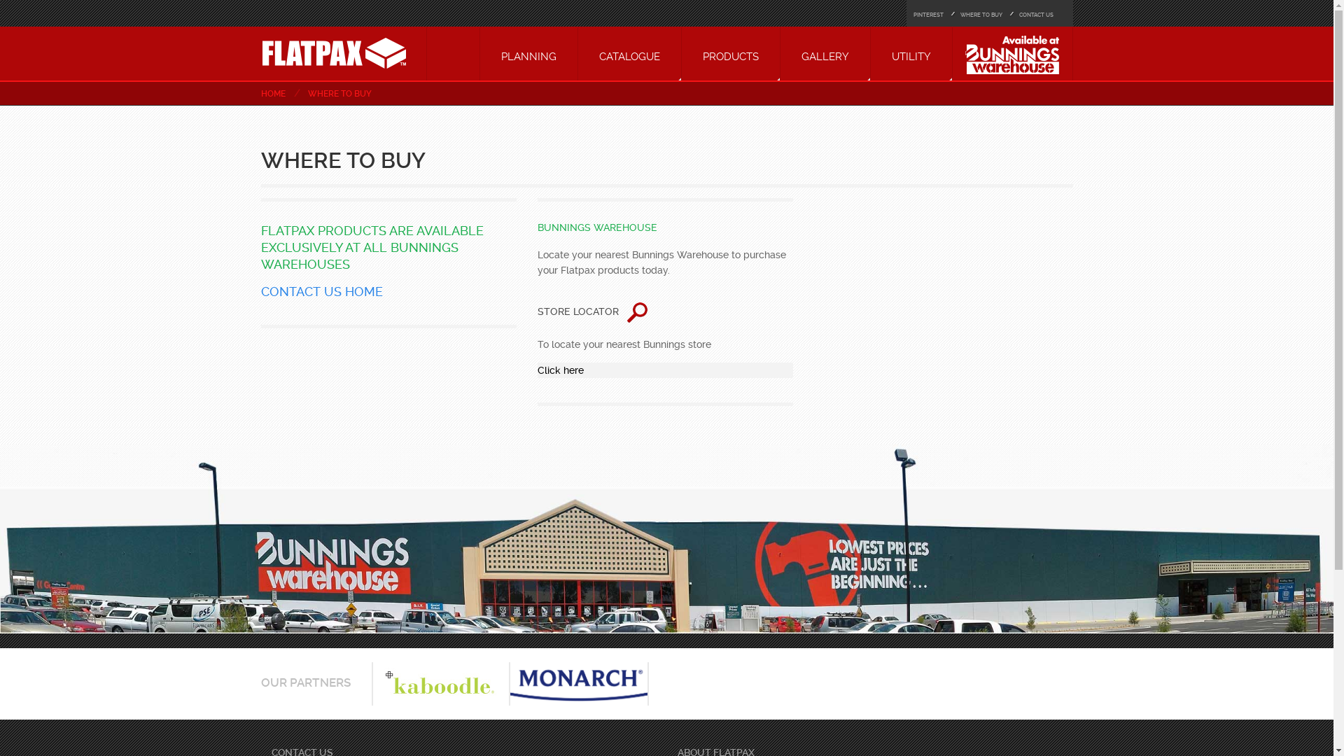 The image size is (1344, 756). I want to click on 'UTILITY', so click(869, 53).